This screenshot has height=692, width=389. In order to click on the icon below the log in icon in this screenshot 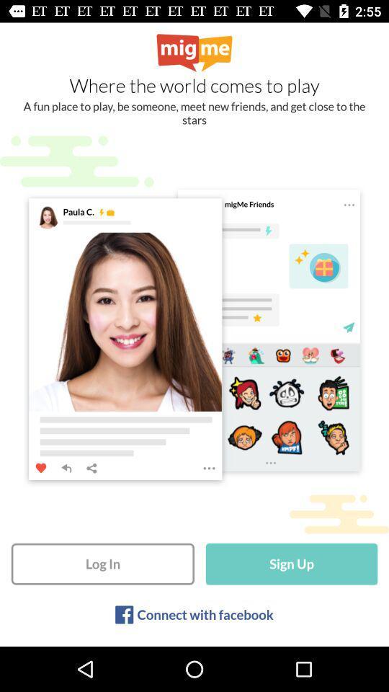, I will do `click(205, 613)`.